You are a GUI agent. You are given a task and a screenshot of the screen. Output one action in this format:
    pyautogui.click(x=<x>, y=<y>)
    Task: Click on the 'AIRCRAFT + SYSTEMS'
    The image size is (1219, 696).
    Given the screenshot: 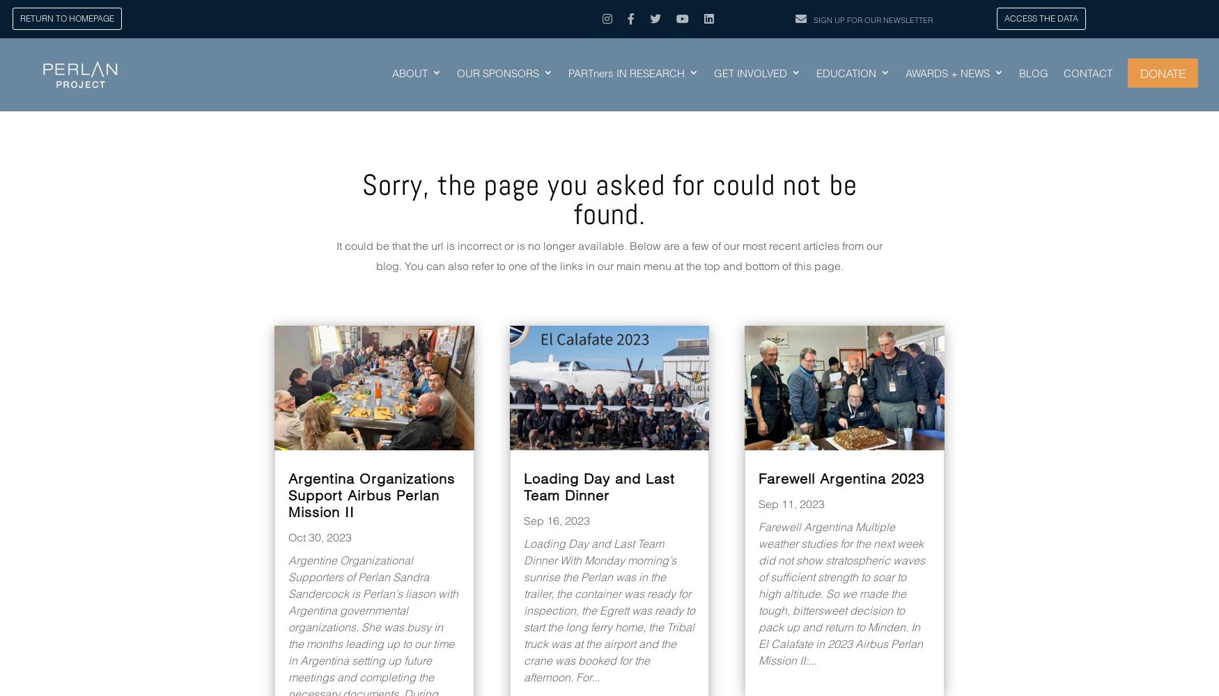 What is the action you would take?
    pyautogui.click(x=451, y=210)
    